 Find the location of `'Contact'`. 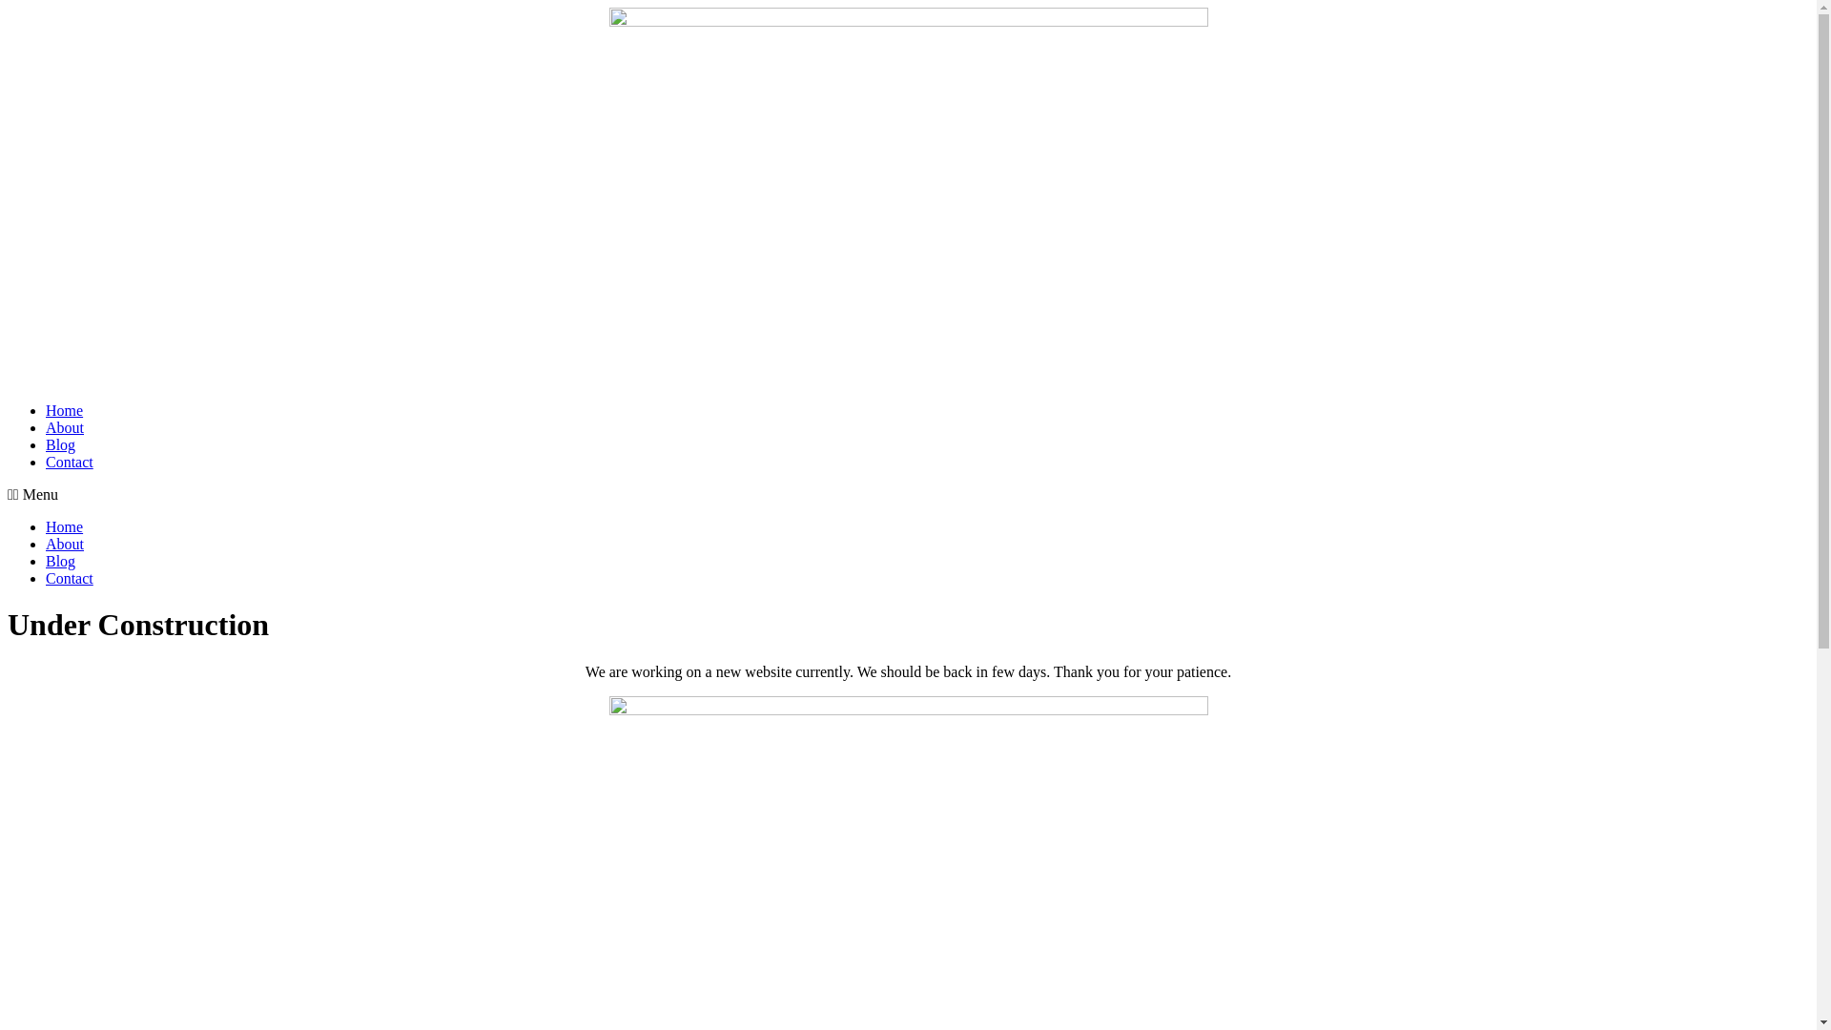

'Contact' is located at coordinates (69, 577).